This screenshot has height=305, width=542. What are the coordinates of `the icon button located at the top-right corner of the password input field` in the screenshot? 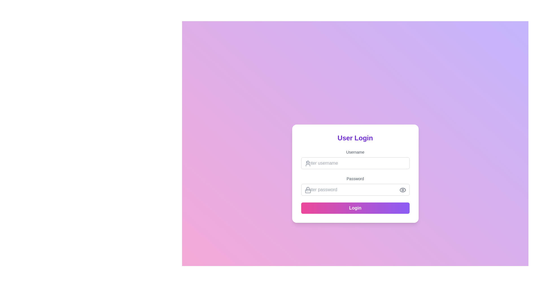 It's located at (402, 190).